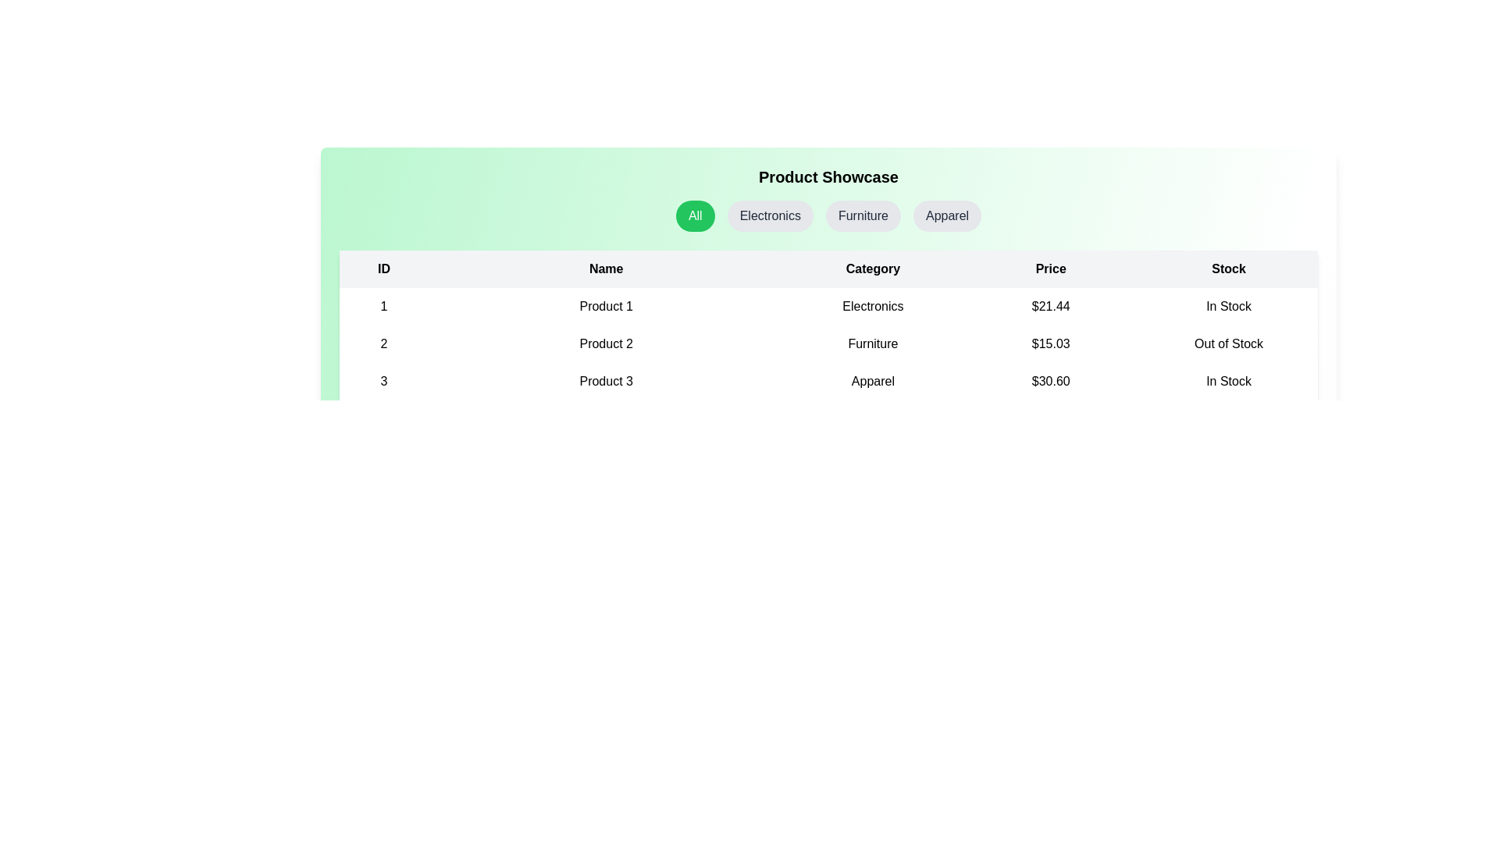  I want to click on the category Apparel to filter the products, so click(947, 216).